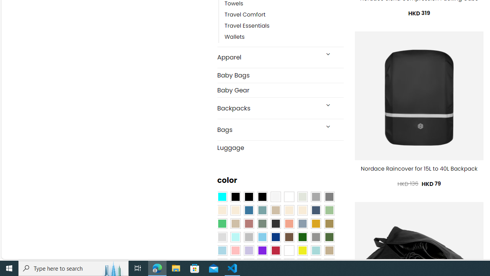 The image size is (490, 276). I want to click on 'Beige', so click(221, 210).